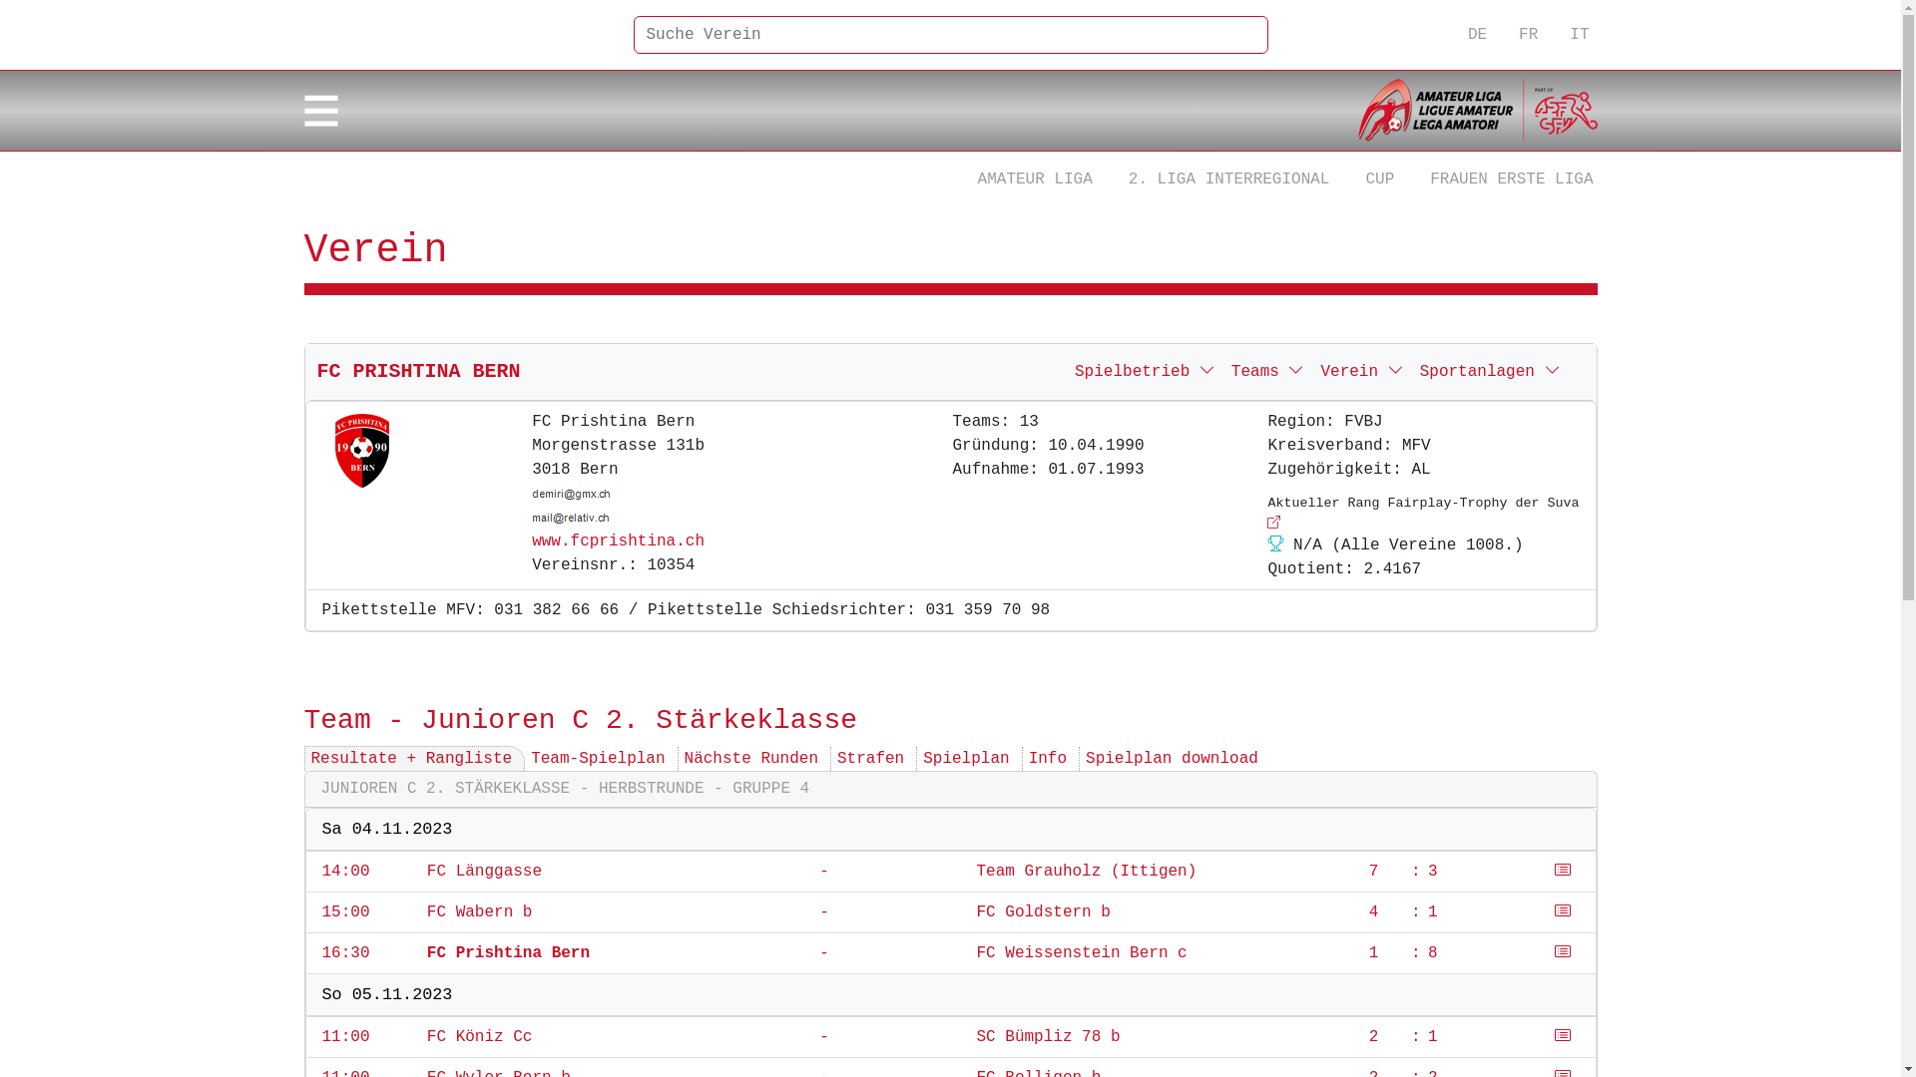 This screenshot has width=1916, height=1077. I want to click on 'Resultate + Rangliste', so click(410, 758).